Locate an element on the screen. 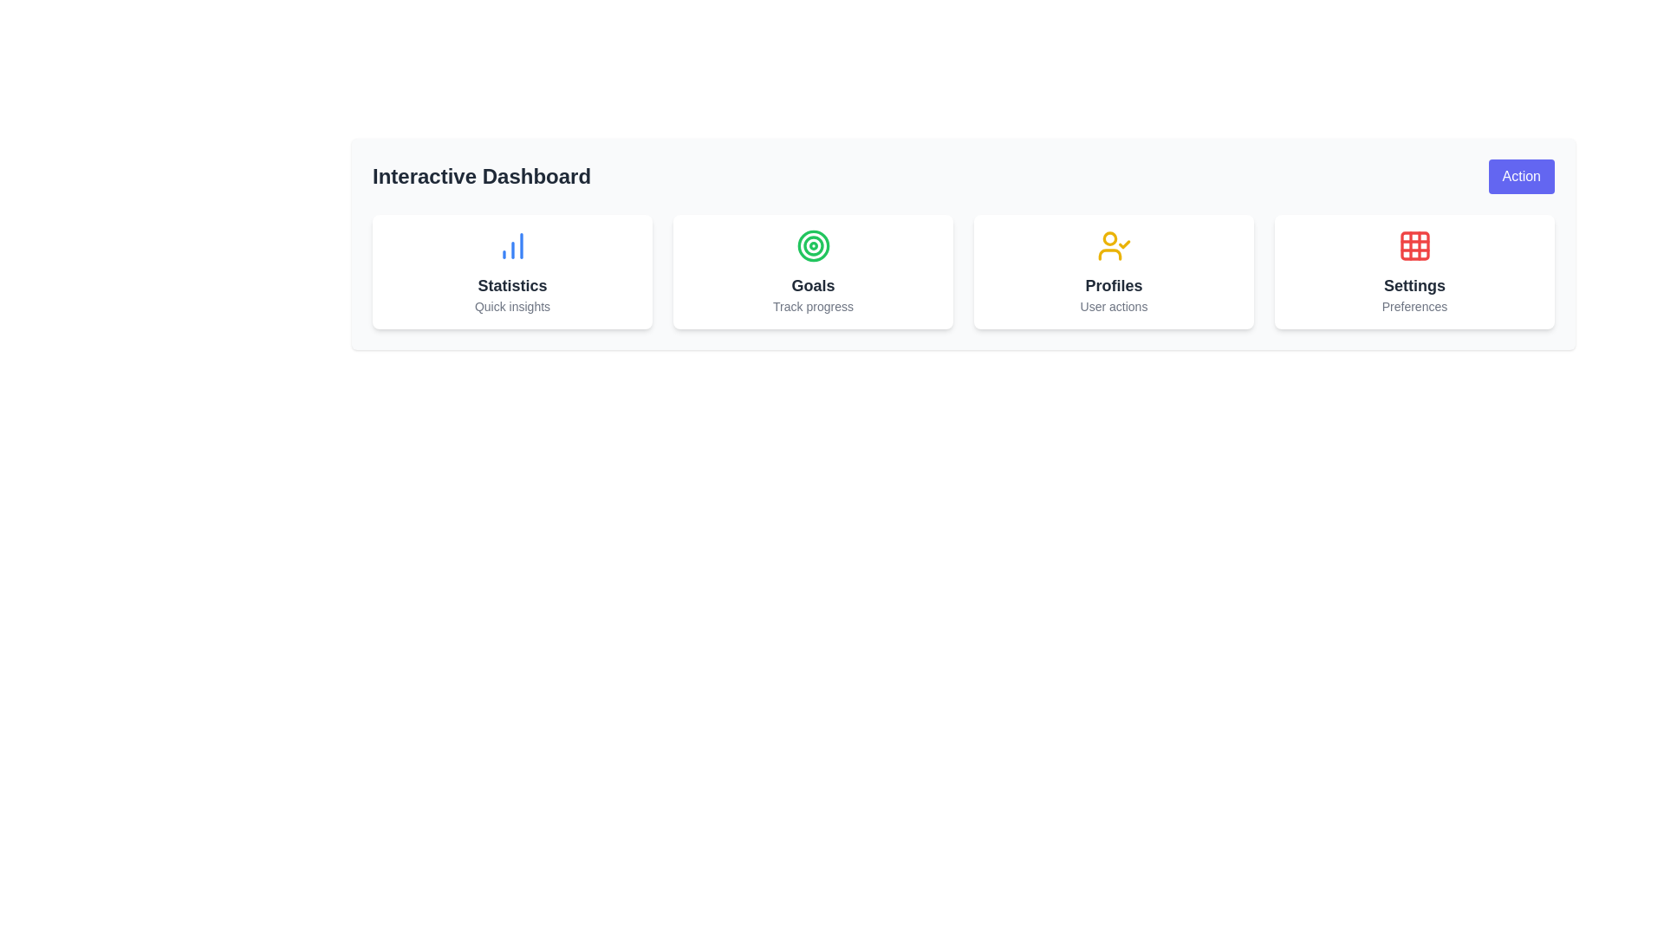 This screenshot has width=1664, height=936. the second button-like card in the grid layout is located at coordinates (812, 271).